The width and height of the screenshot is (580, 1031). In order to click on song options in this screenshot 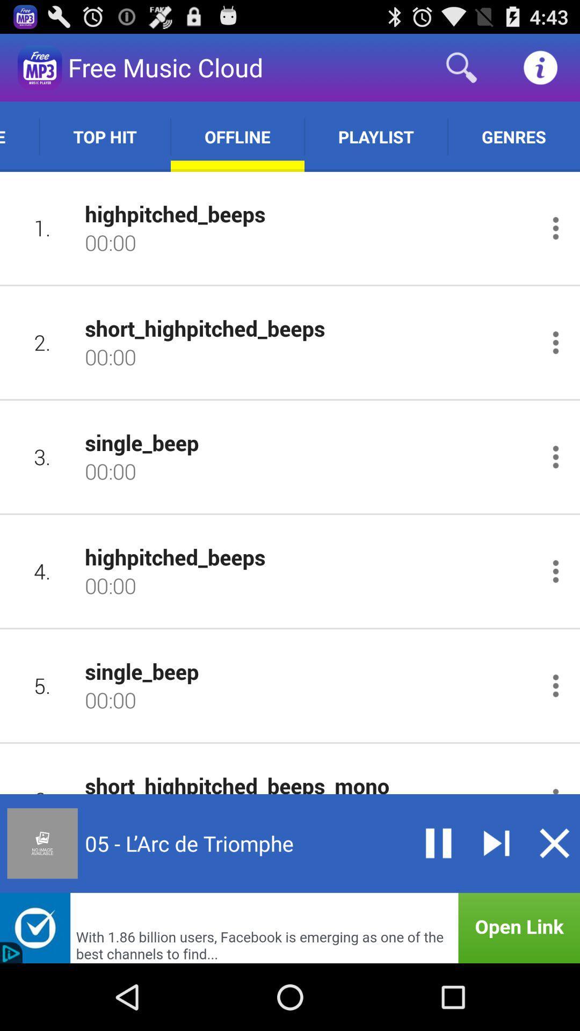, I will do `click(555, 685)`.